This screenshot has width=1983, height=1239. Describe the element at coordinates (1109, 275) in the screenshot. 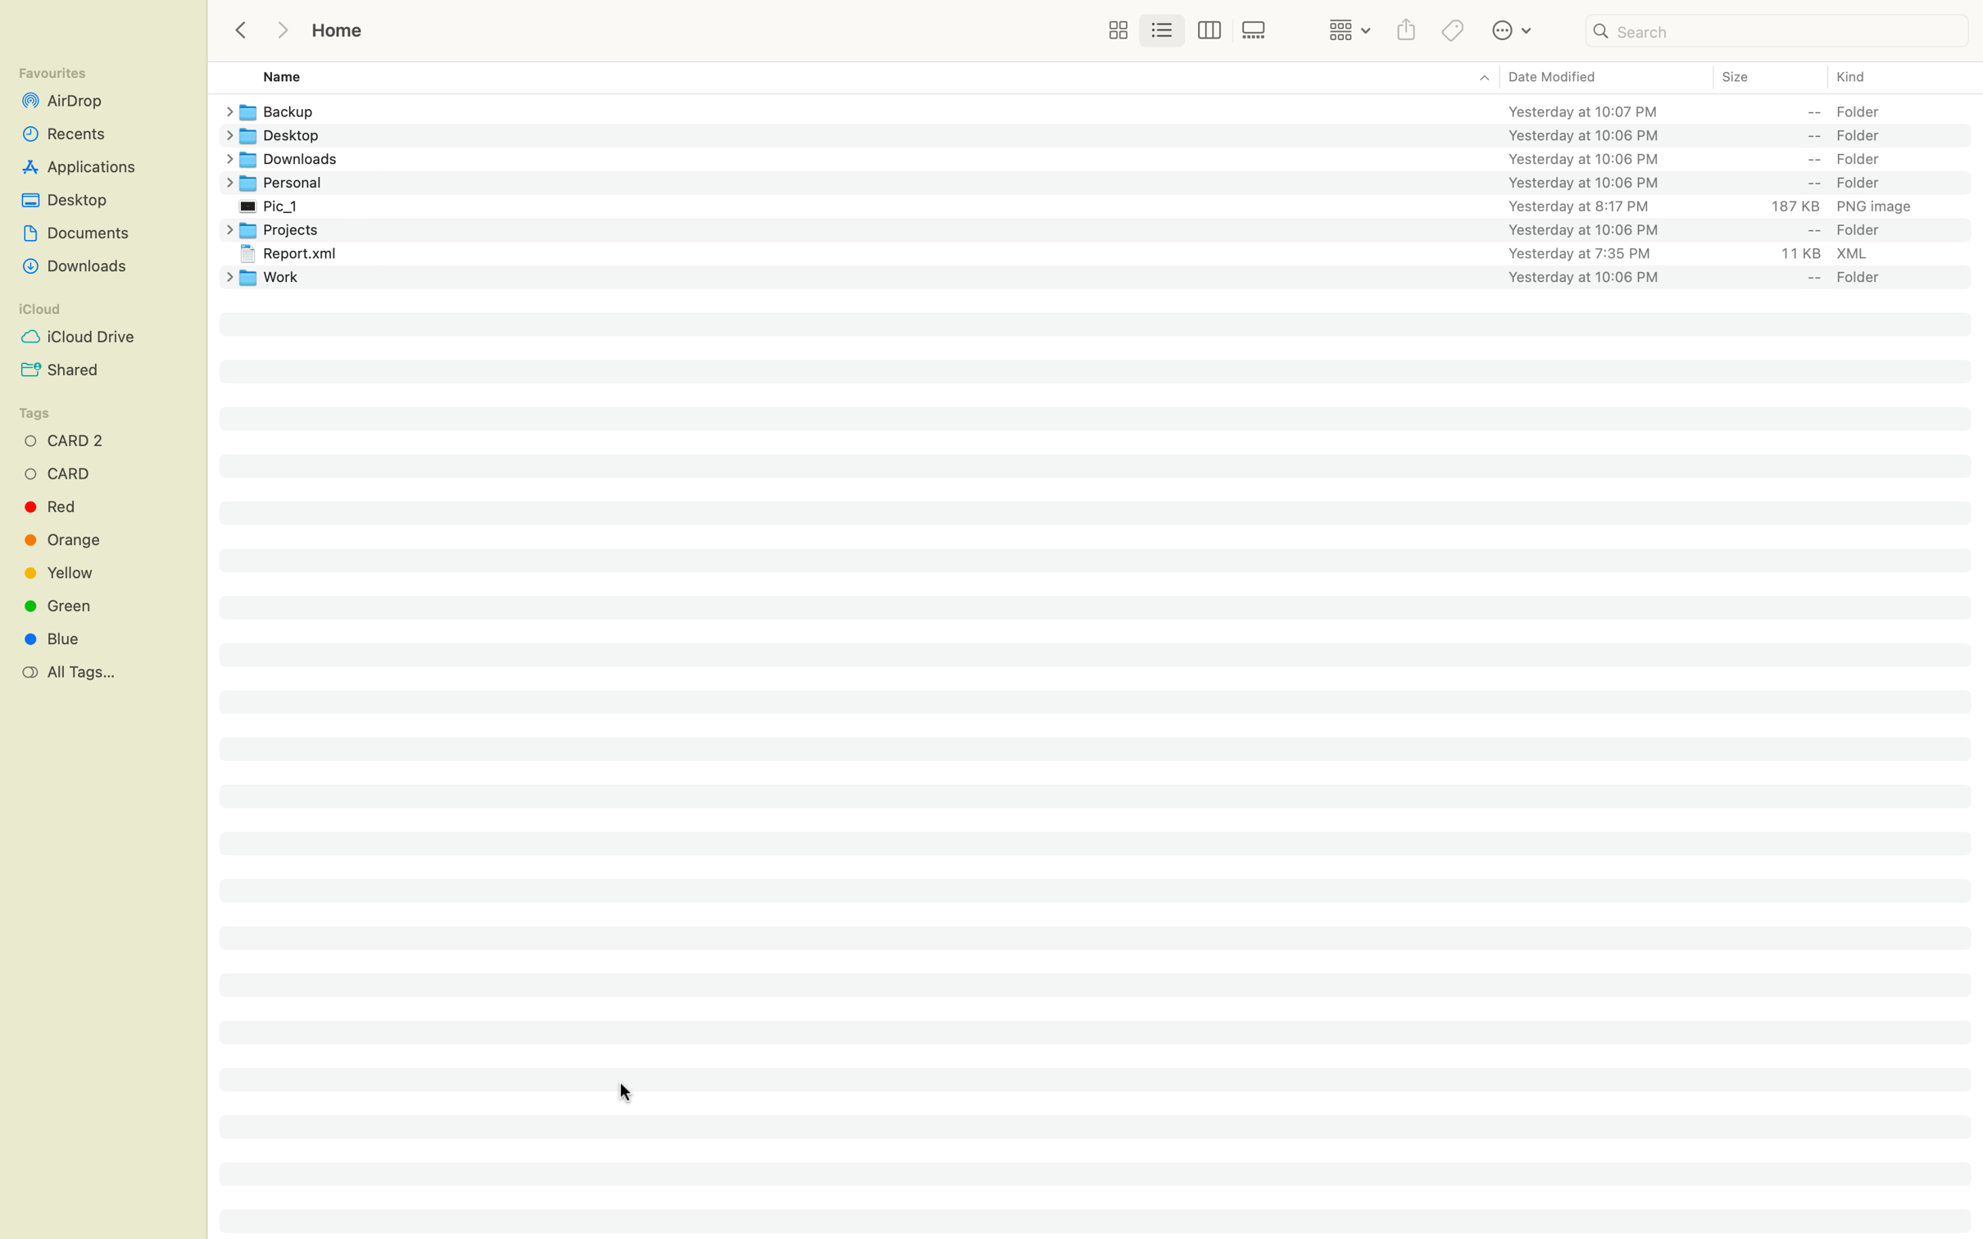

I see `Through the right click function, remove the last directory in the sequence` at that location.